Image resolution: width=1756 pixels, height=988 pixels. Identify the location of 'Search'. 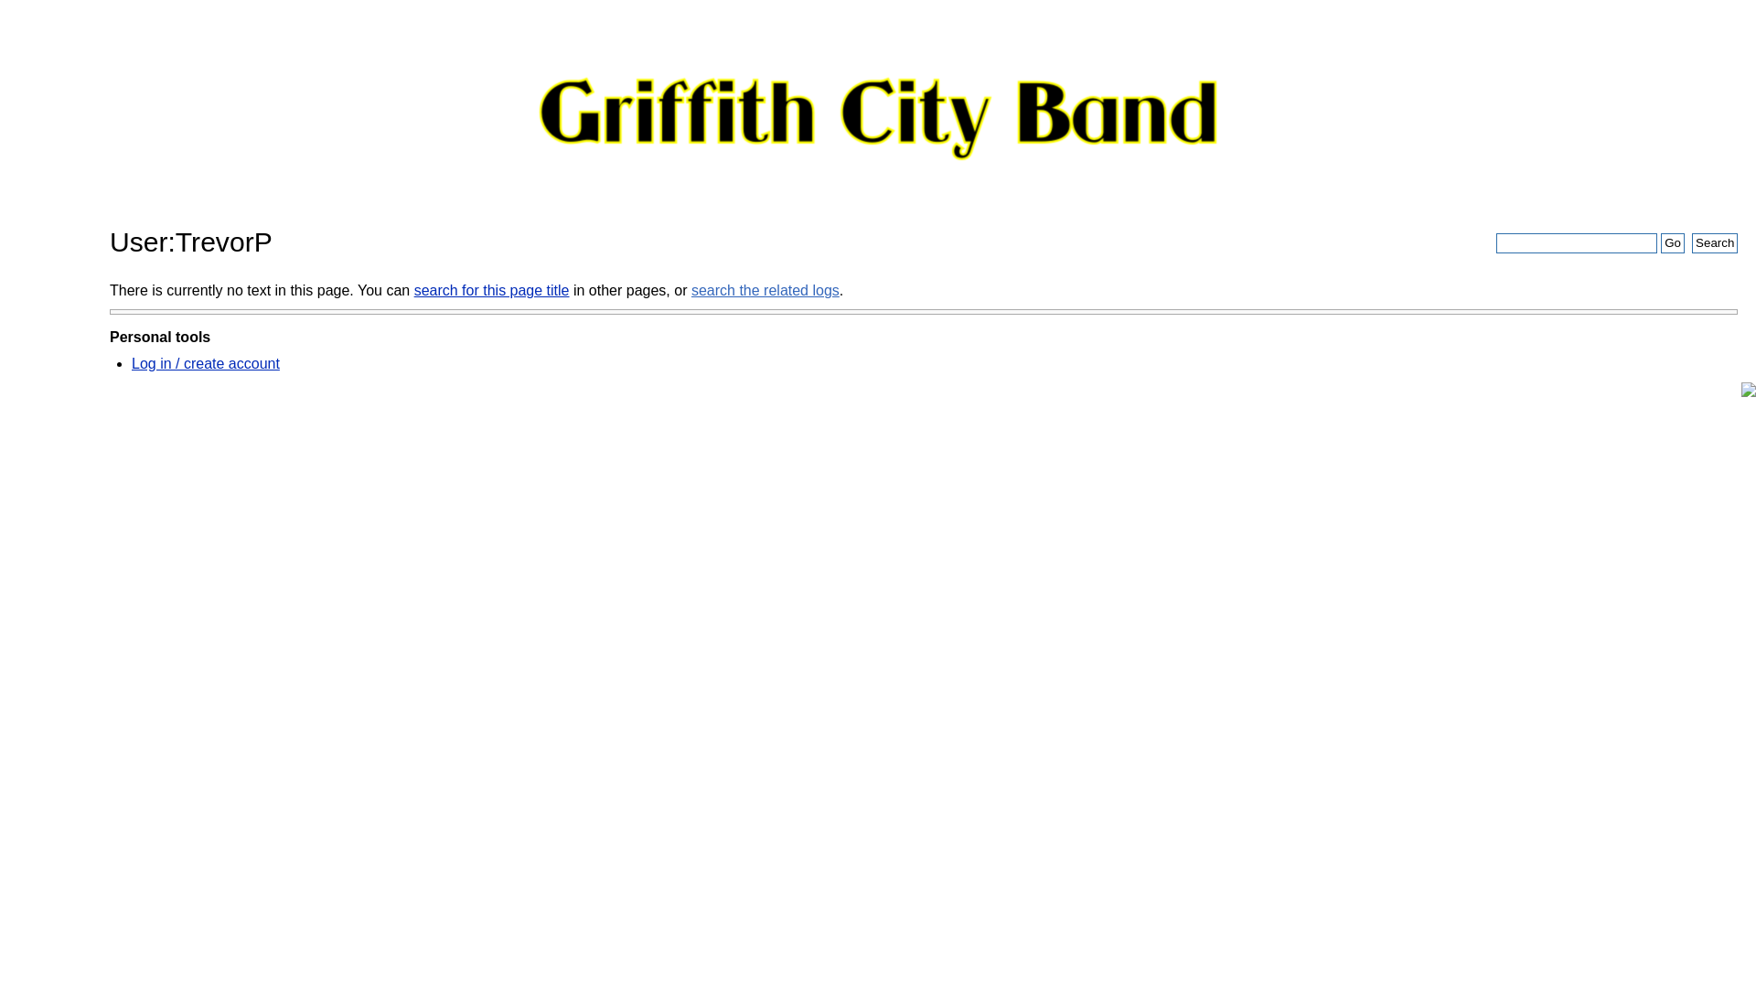
(1714, 242).